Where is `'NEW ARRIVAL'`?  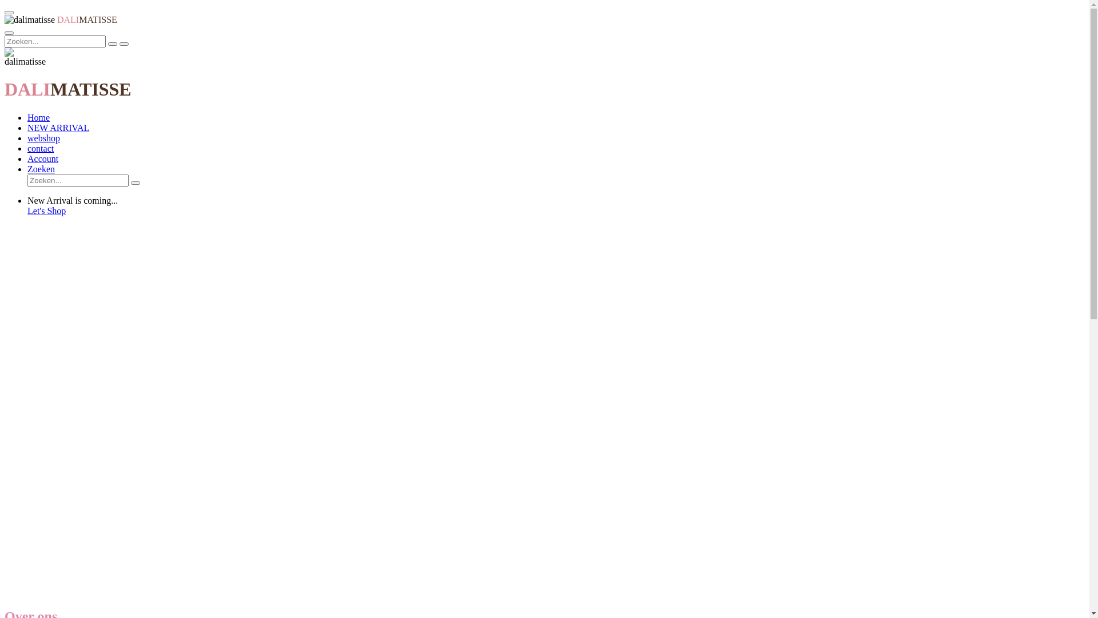
'NEW ARRIVAL' is located at coordinates (57, 128).